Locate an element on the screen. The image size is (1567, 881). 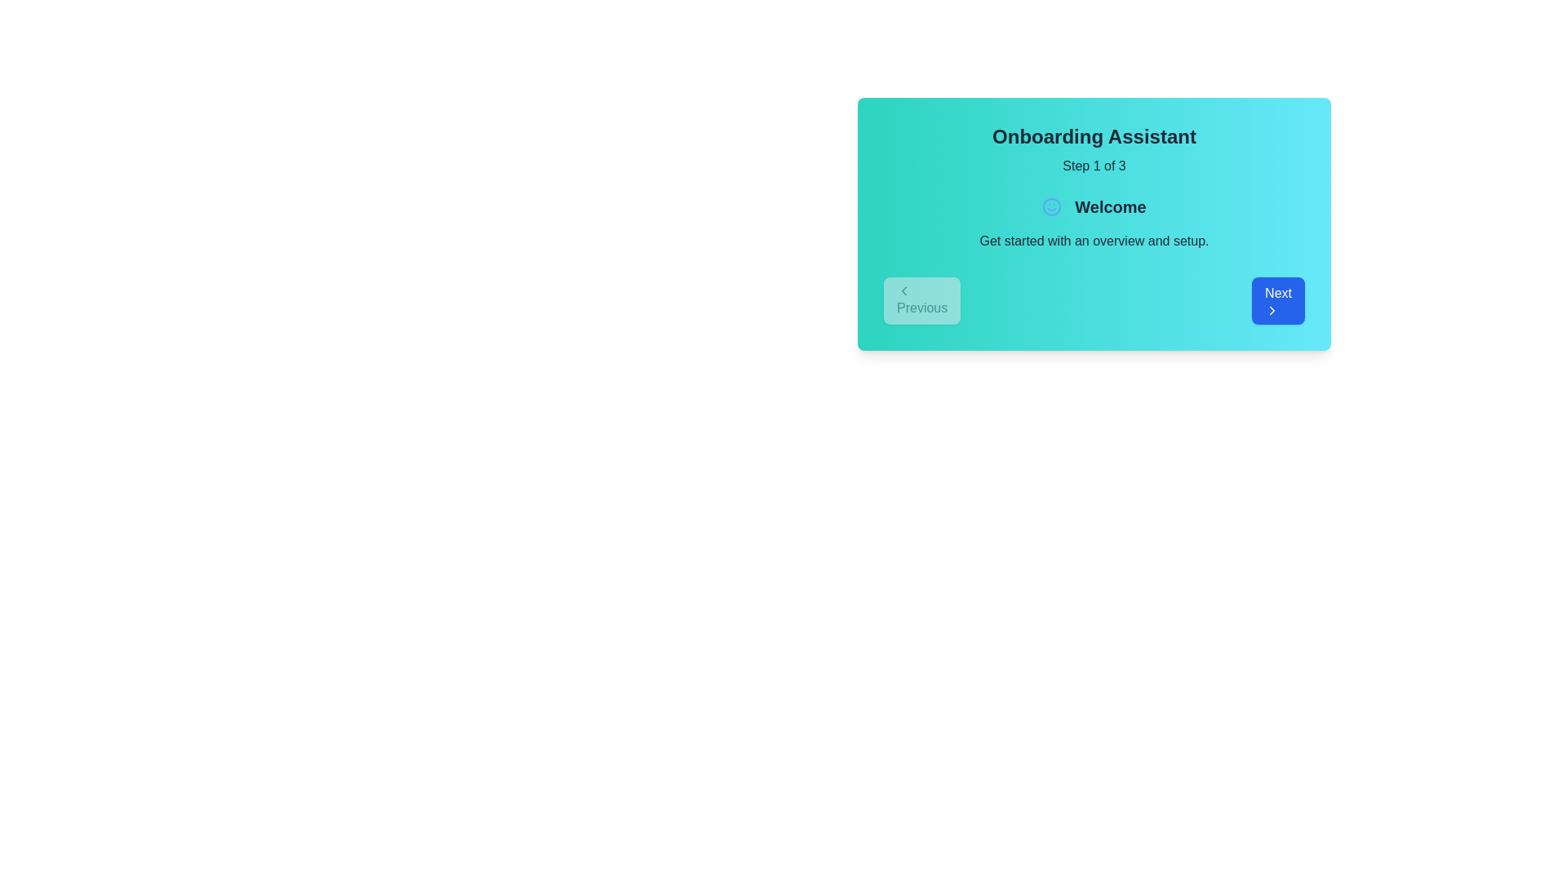
the SVG circle graphic with a blue outline that is centrally positioned within the face icon is located at coordinates (1052, 206).